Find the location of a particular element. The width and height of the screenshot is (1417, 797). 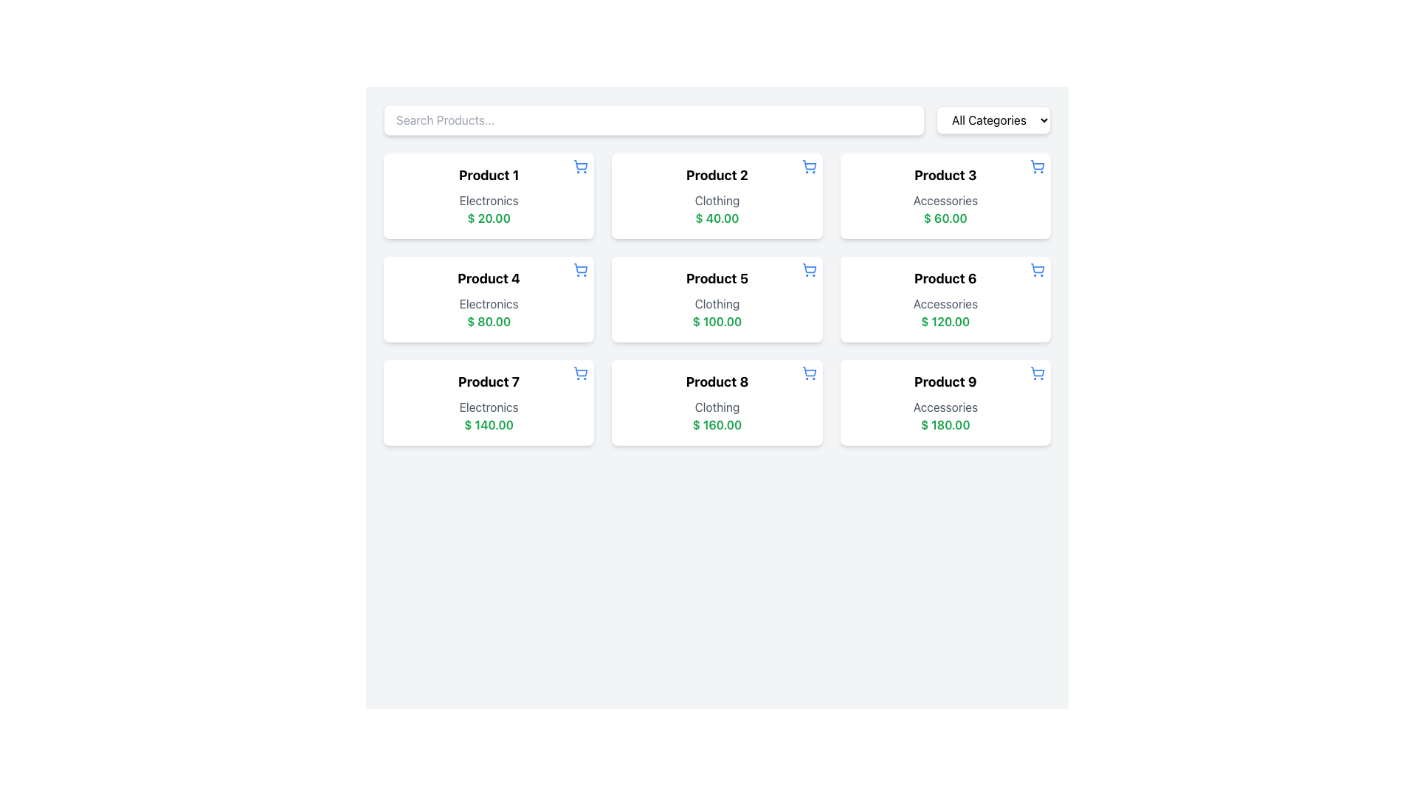

the eighth product card in the 3-column grid layout is located at coordinates (717, 403).